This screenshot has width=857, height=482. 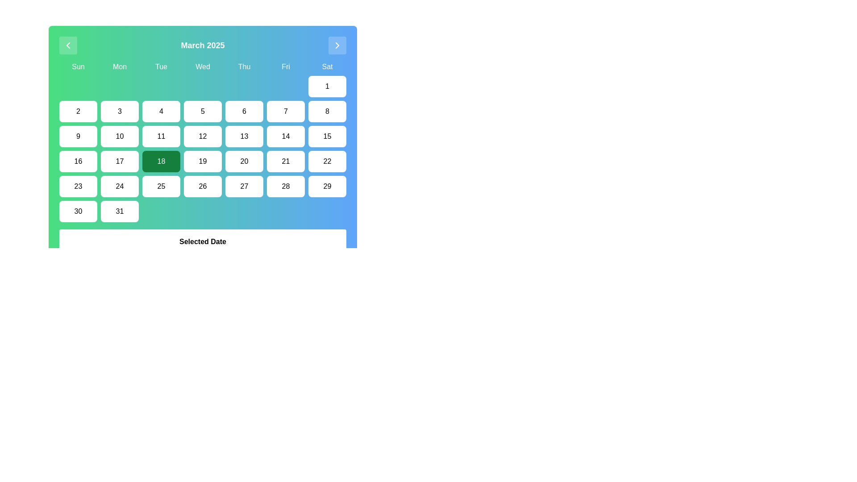 I want to click on the rectangular button with a white background and the text '4', so click(x=161, y=111).